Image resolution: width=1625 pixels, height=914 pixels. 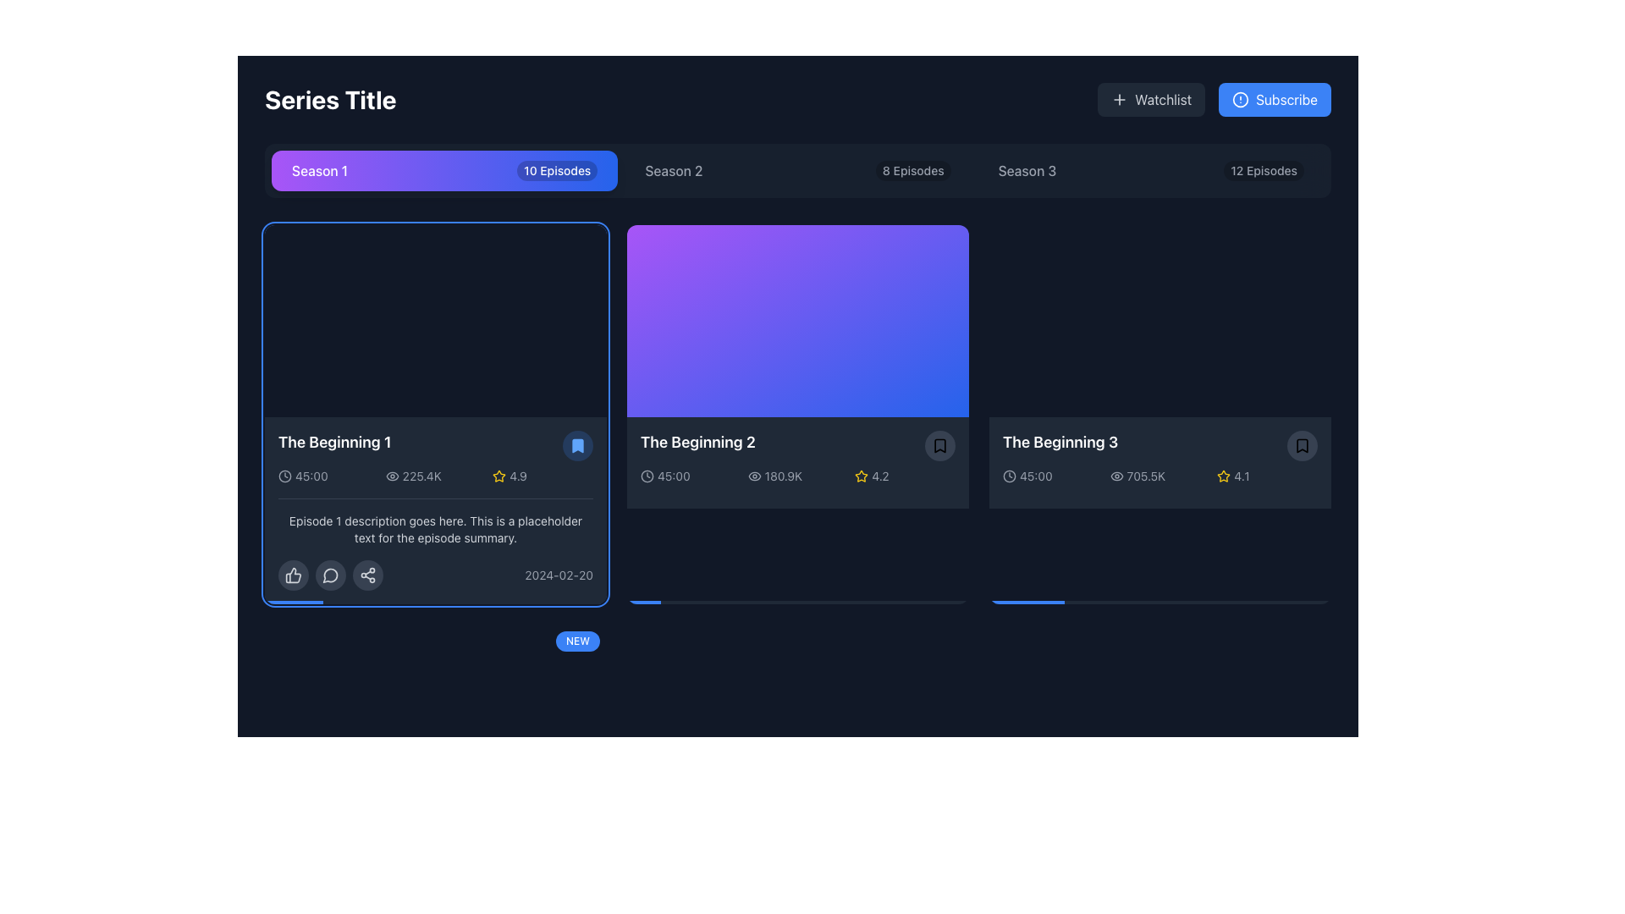 I want to click on text '180.9K' from the informational label that consists of an eye icon and is centrally located below the title 'The Beginning 2', so click(x=796, y=476).